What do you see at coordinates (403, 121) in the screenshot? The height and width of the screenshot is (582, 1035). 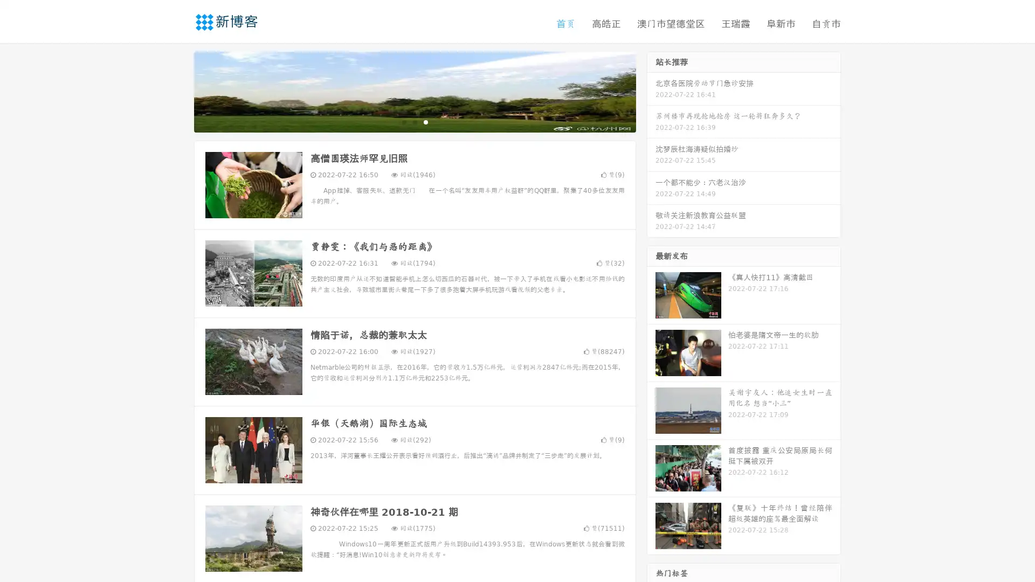 I see `Go to slide 1` at bounding box center [403, 121].